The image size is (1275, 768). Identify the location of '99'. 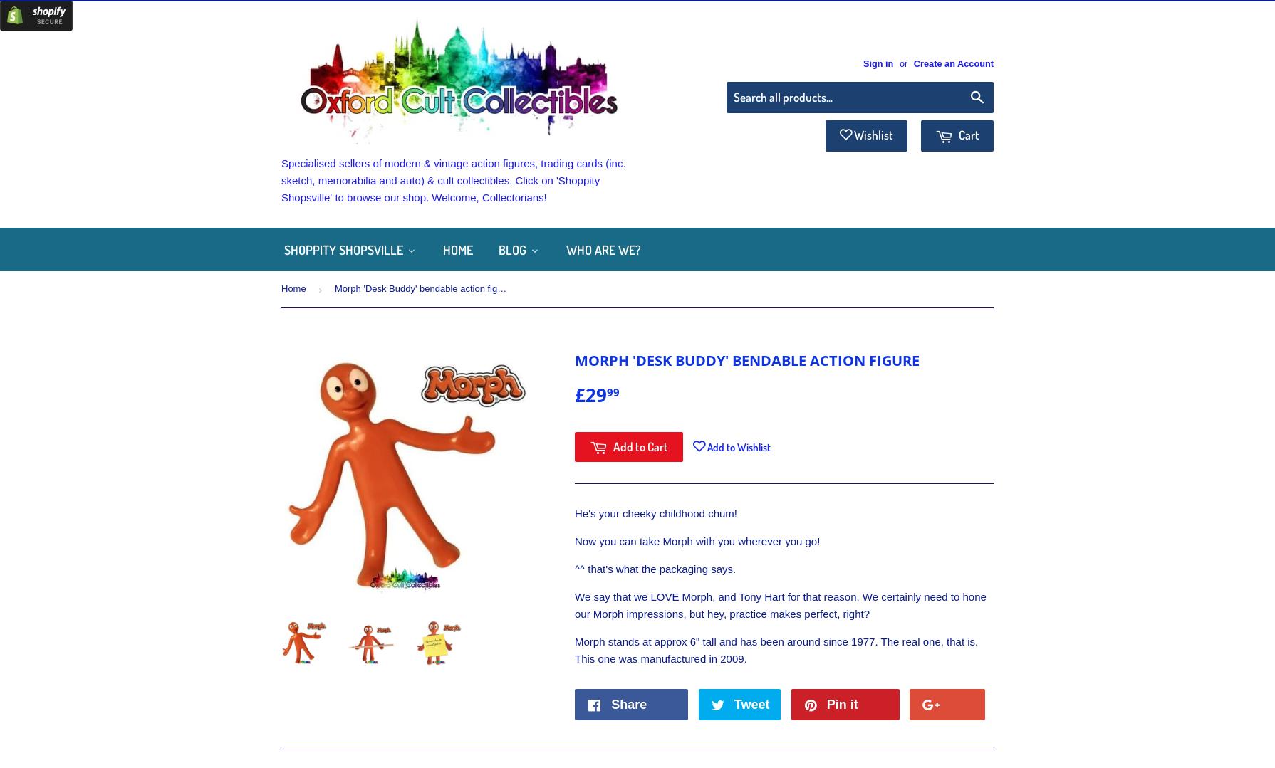
(612, 391).